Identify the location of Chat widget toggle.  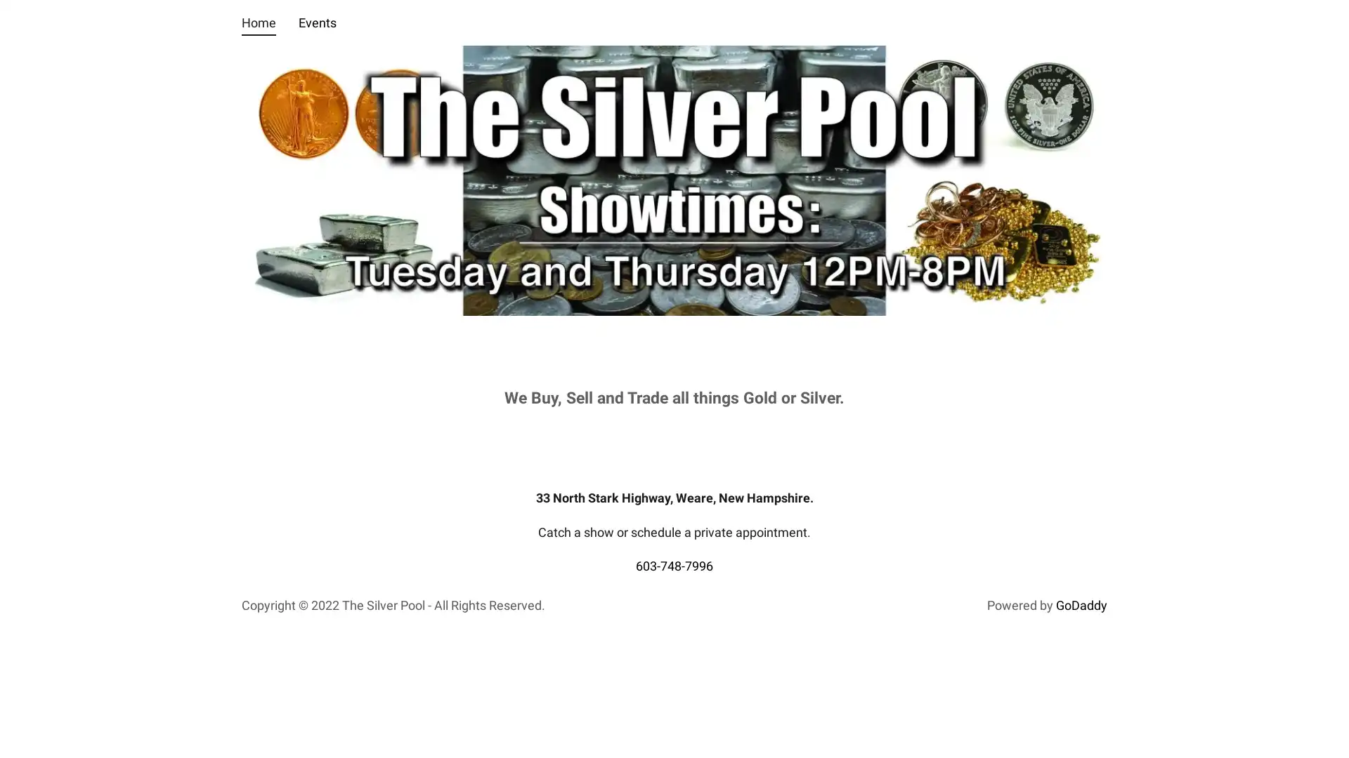
(1312, 722).